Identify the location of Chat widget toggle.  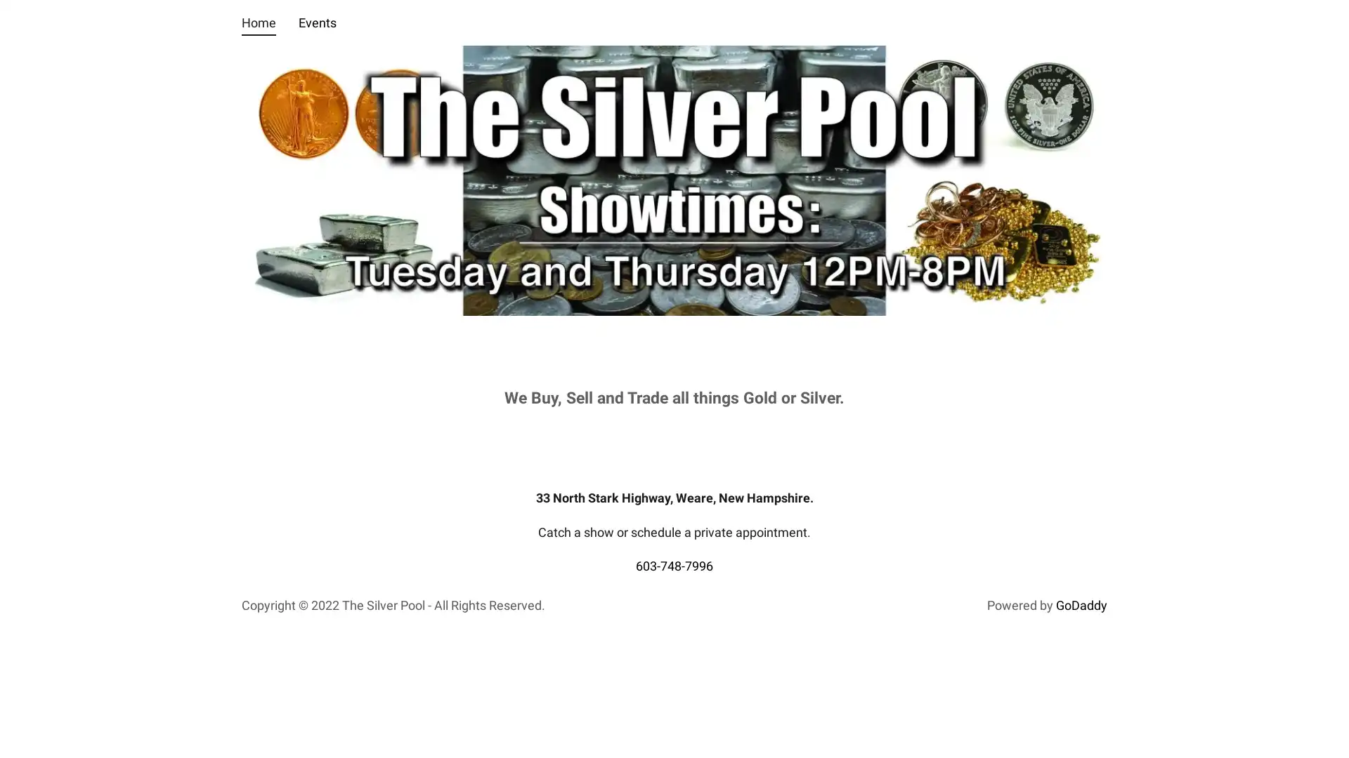
(1312, 722).